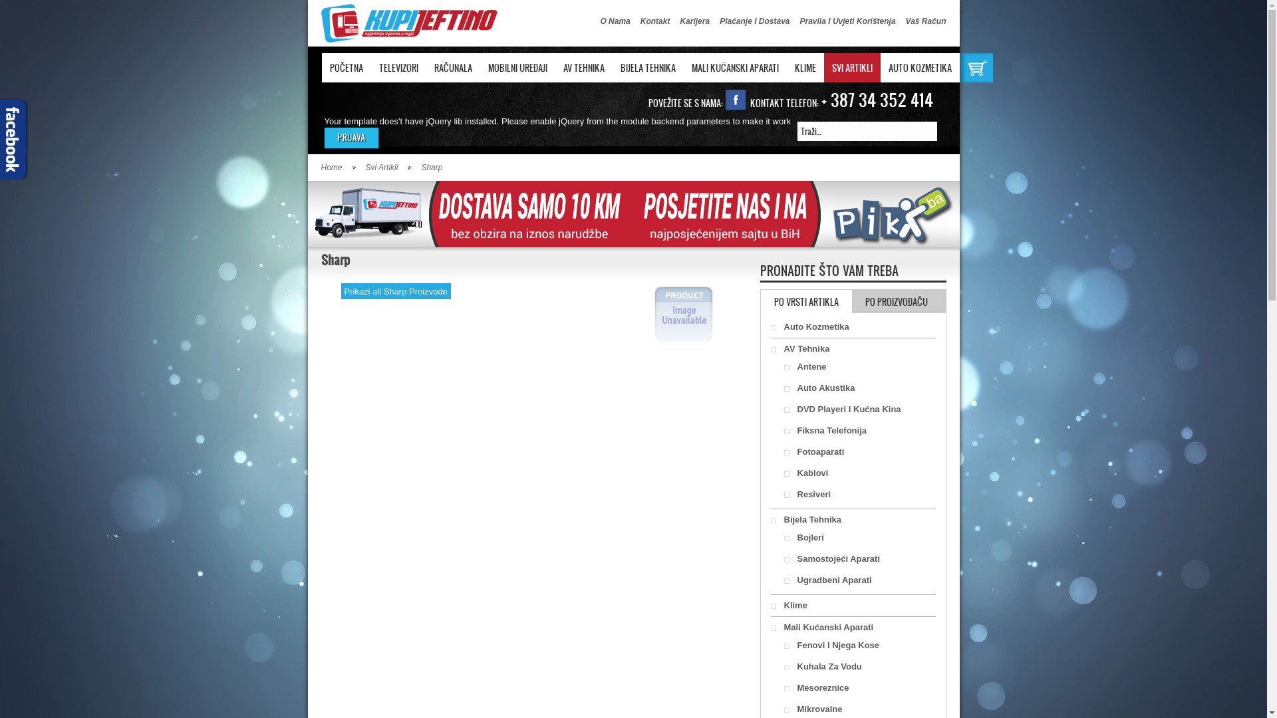 The width and height of the screenshot is (1277, 718). Describe the element at coordinates (859, 388) in the screenshot. I see `'Auto Akustika'` at that location.